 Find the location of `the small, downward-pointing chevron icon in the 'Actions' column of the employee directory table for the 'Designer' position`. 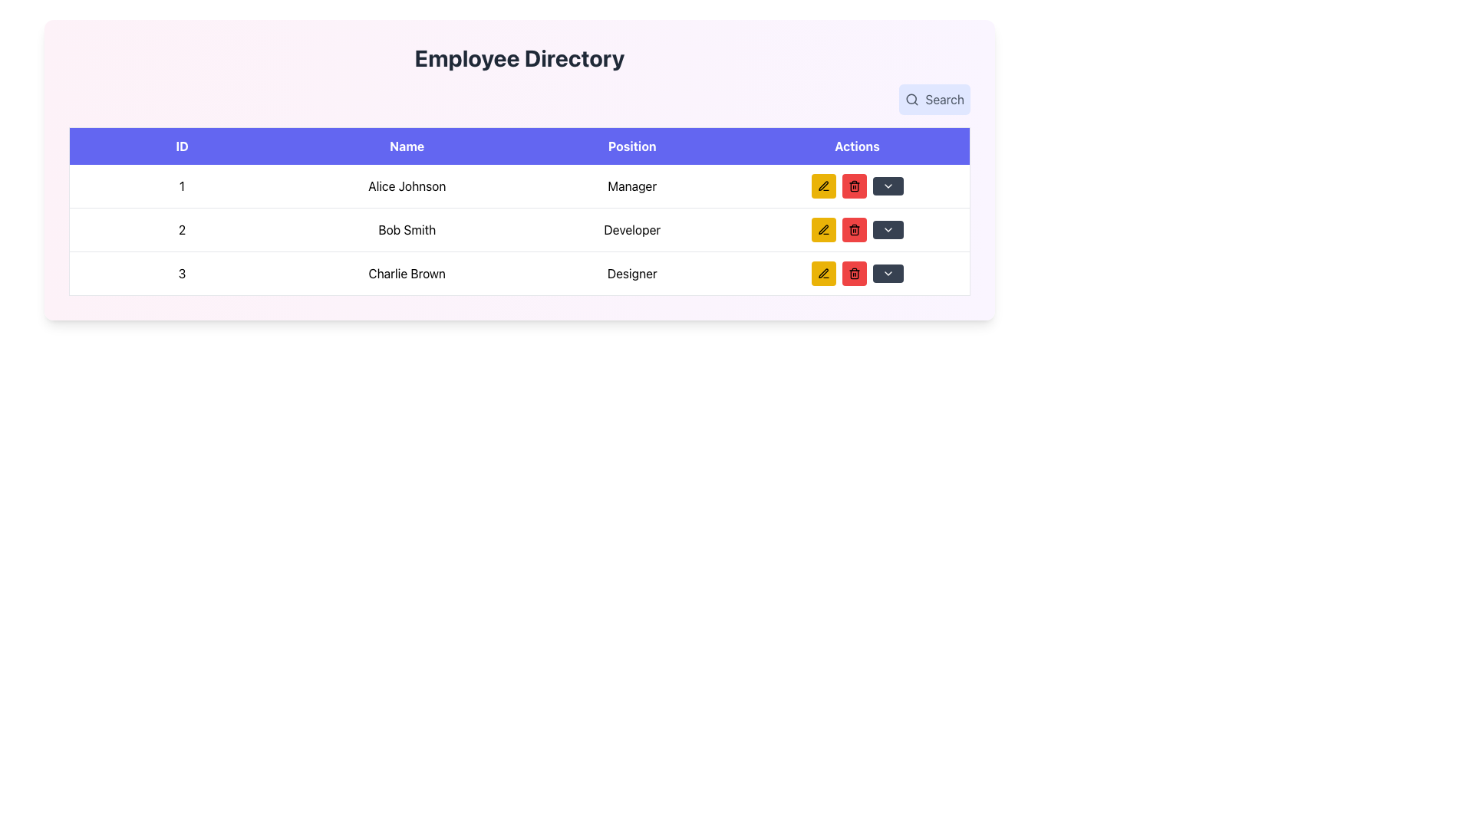

the small, downward-pointing chevron icon in the 'Actions' column of the employee directory table for the 'Designer' position is located at coordinates (888, 186).